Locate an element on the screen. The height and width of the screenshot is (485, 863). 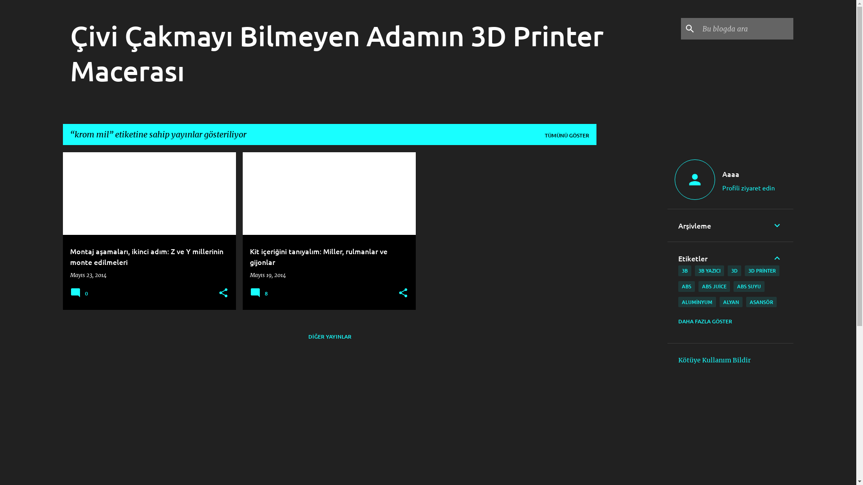
'Advertisement' is located at coordinates (632, 287).